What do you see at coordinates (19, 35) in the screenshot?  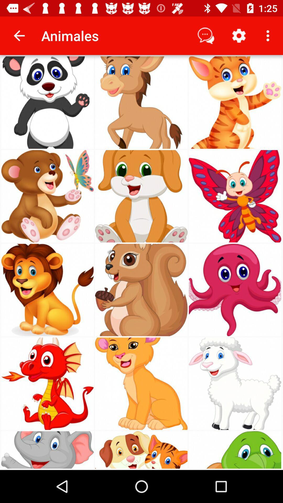 I see `the icon next to the animales icon` at bounding box center [19, 35].